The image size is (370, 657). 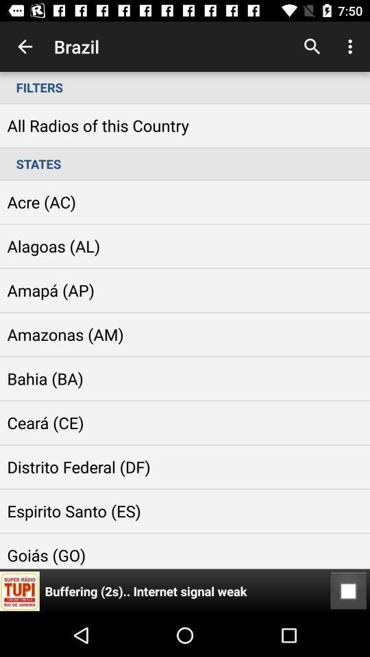 I want to click on the item above filters, so click(x=351, y=47).